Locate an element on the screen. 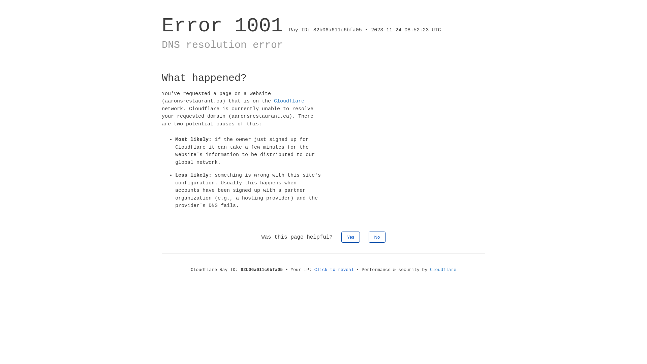 Image resolution: width=647 pixels, height=364 pixels. 'Click to reveal' is located at coordinates (334, 269).